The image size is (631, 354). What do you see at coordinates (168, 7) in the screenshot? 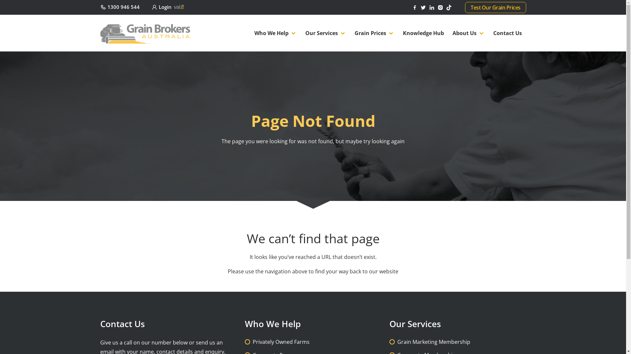
I see `'Login'` at bounding box center [168, 7].